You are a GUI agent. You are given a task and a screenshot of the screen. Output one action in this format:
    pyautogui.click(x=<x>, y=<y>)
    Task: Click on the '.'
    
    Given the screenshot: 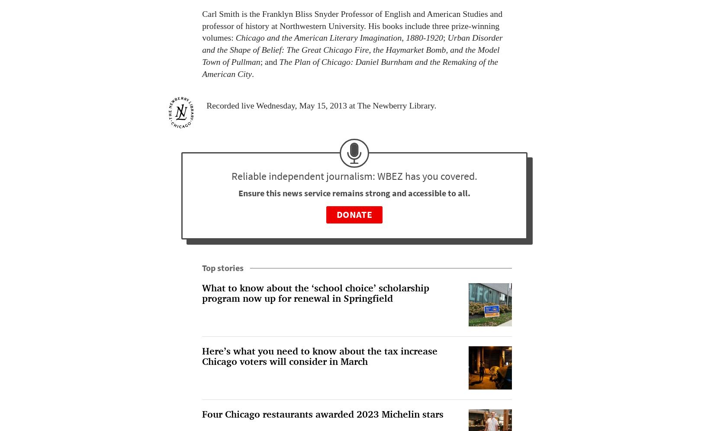 What is the action you would take?
    pyautogui.click(x=252, y=73)
    